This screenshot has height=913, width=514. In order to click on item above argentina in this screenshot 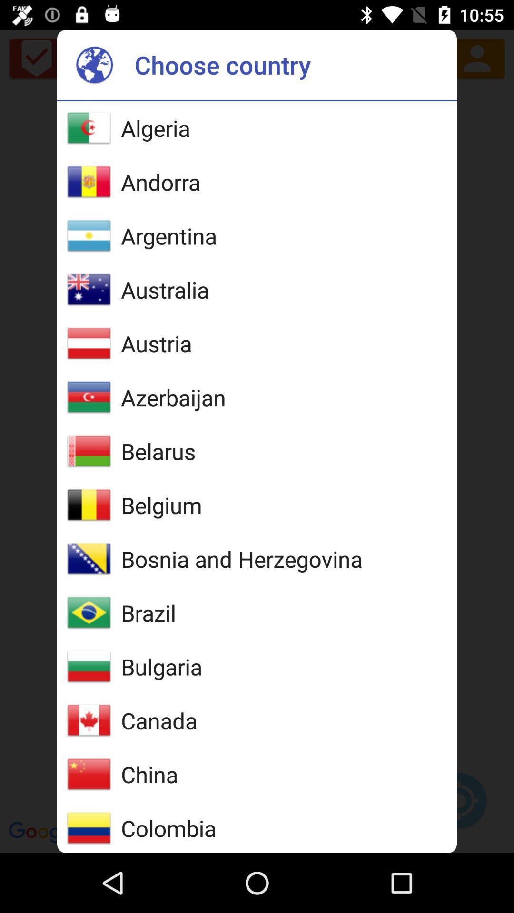, I will do `click(160, 182)`.